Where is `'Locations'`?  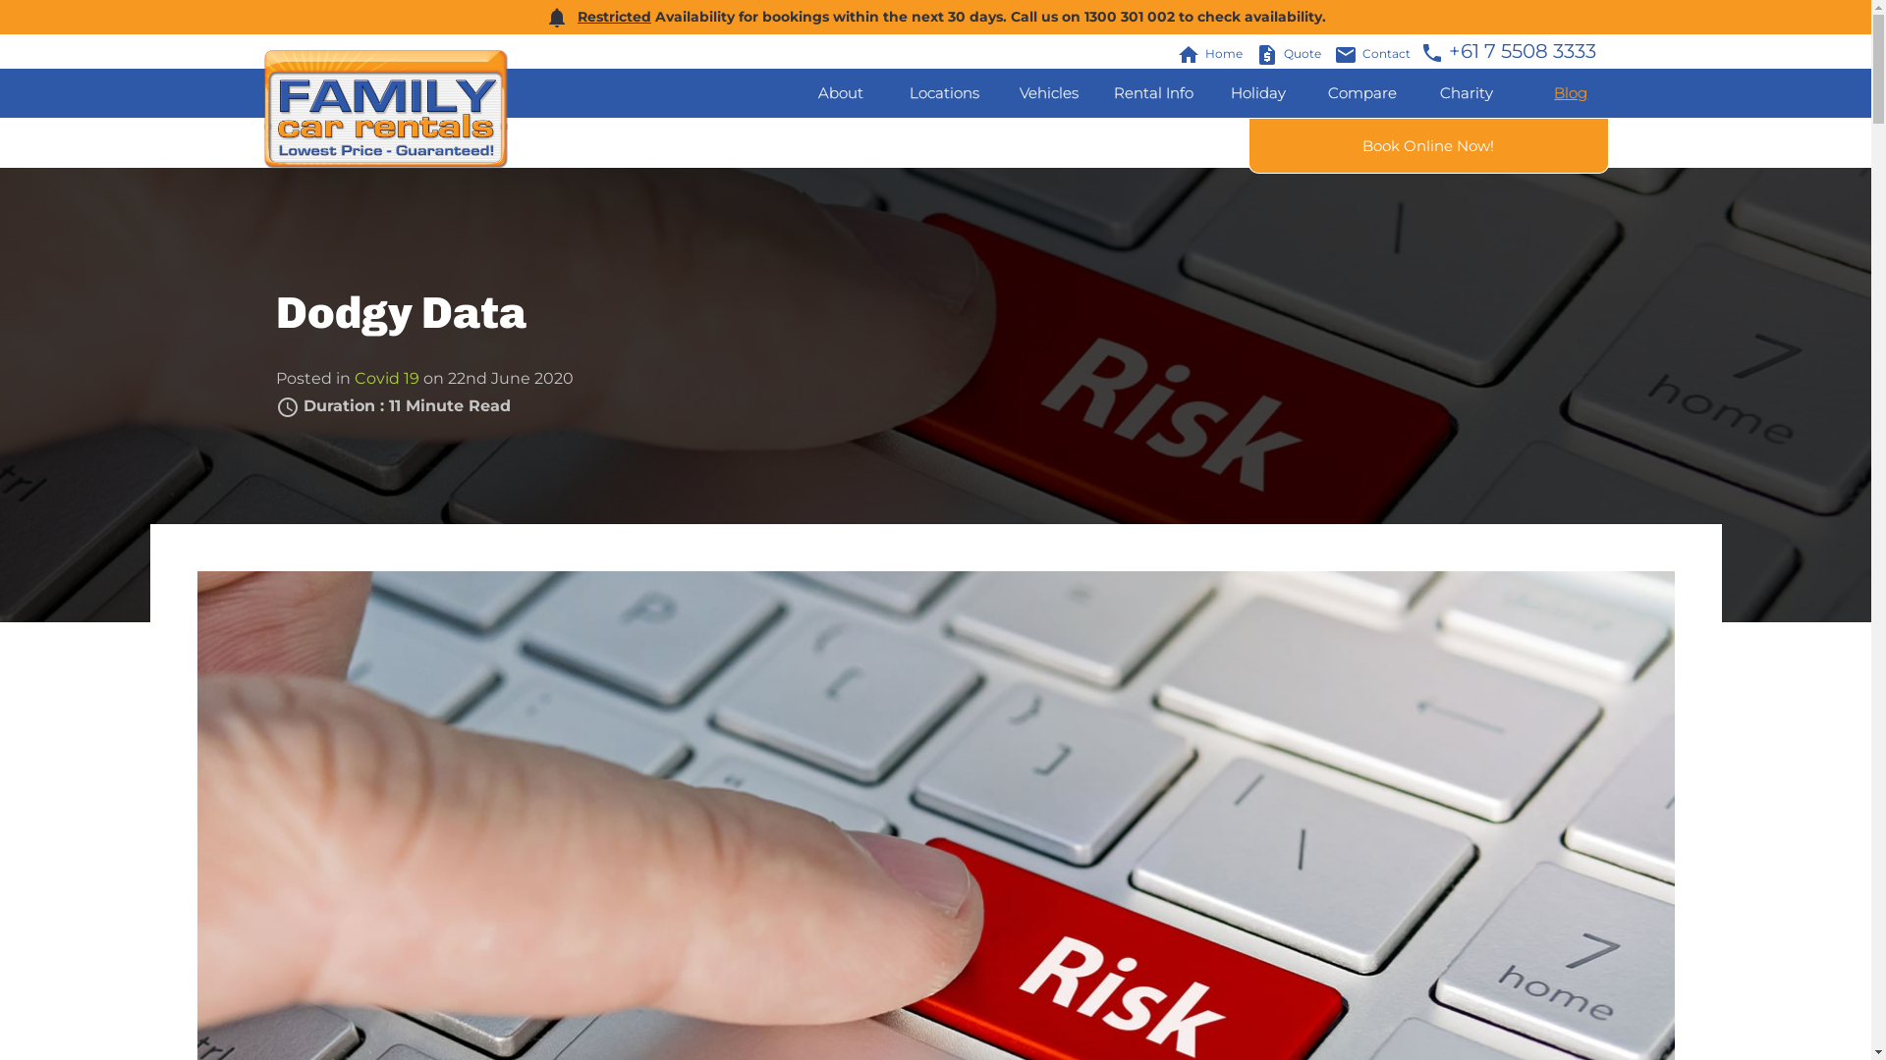 'Locations' is located at coordinates (944, 93).